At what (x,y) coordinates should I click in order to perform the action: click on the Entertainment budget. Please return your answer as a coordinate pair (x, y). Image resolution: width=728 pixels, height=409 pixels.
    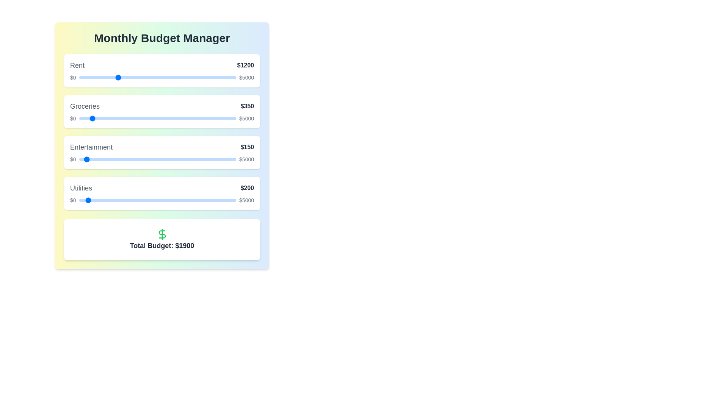
    Looking at the image, I should click on (221, 159).